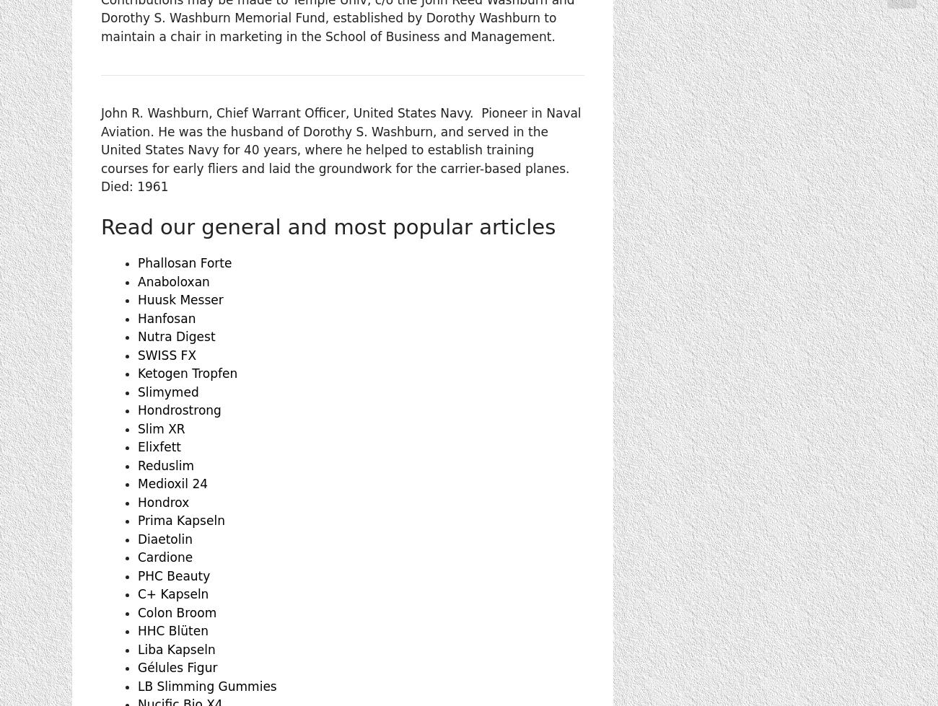 This screenshot has width=938, height=706. I want to click on 'John R. Washburn, Chief Warrant Officer, United States Navy.  Pioneer in Naval Aviation. He was the husband of Dorothy S. Washburn, and served in the United States Navy for 40 years, where he helped to establish training courses for early fliers and laid the groundwork for the carrier-based planes. Died: 1961', so click(340, 150).